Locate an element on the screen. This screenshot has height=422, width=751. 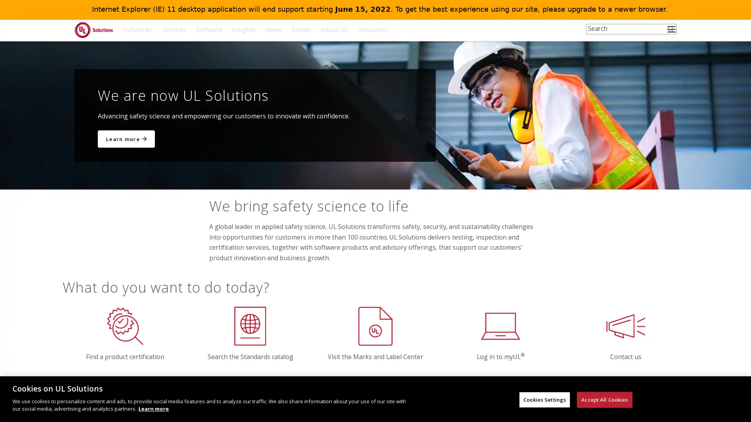
Accept All Cookies is located at coordinates (604, 399).